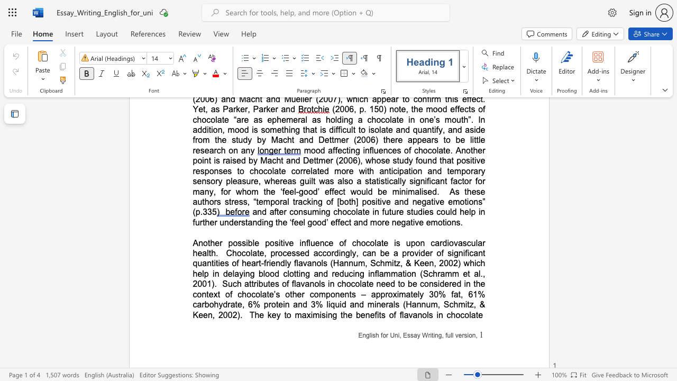 This screenshot has width=677, height=381. Describe the element at coordinates (437, 273) in the screenshot. I see `the subset text "ramm et al." within the text "Chocolate, processed accordingly, can be a provider of significant quantities of heart-friendly flavanols (Hannum, Schmitz, & Keen, 2002) which help in delaying blood clotting and reducing inflammation (Schramm et al., 2001)"` at that location.